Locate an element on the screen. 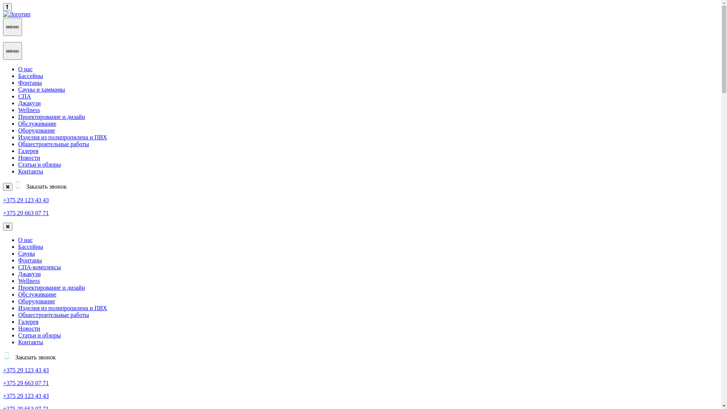 The width and height of the screenshot is (727, 409). '+375 29 123 43 43' is located at coordinates (26, 395).